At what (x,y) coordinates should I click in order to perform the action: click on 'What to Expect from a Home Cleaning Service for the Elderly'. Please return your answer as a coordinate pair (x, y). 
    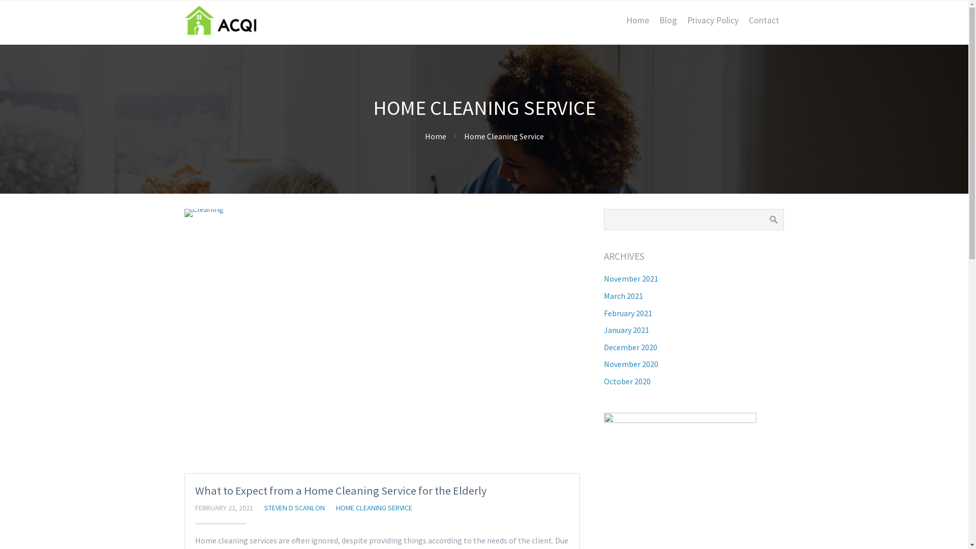
    Looking at the image, I should click on (195, 490).